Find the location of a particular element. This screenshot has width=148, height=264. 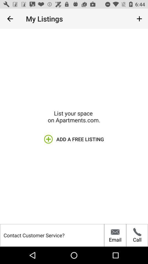

icon above the contact customer service? is located at coordinates (74, 139).